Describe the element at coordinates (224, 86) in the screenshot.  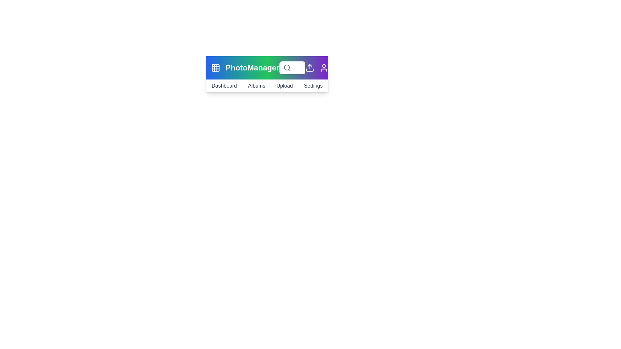
I see `the 'Dashboard' navigation link` at that location.